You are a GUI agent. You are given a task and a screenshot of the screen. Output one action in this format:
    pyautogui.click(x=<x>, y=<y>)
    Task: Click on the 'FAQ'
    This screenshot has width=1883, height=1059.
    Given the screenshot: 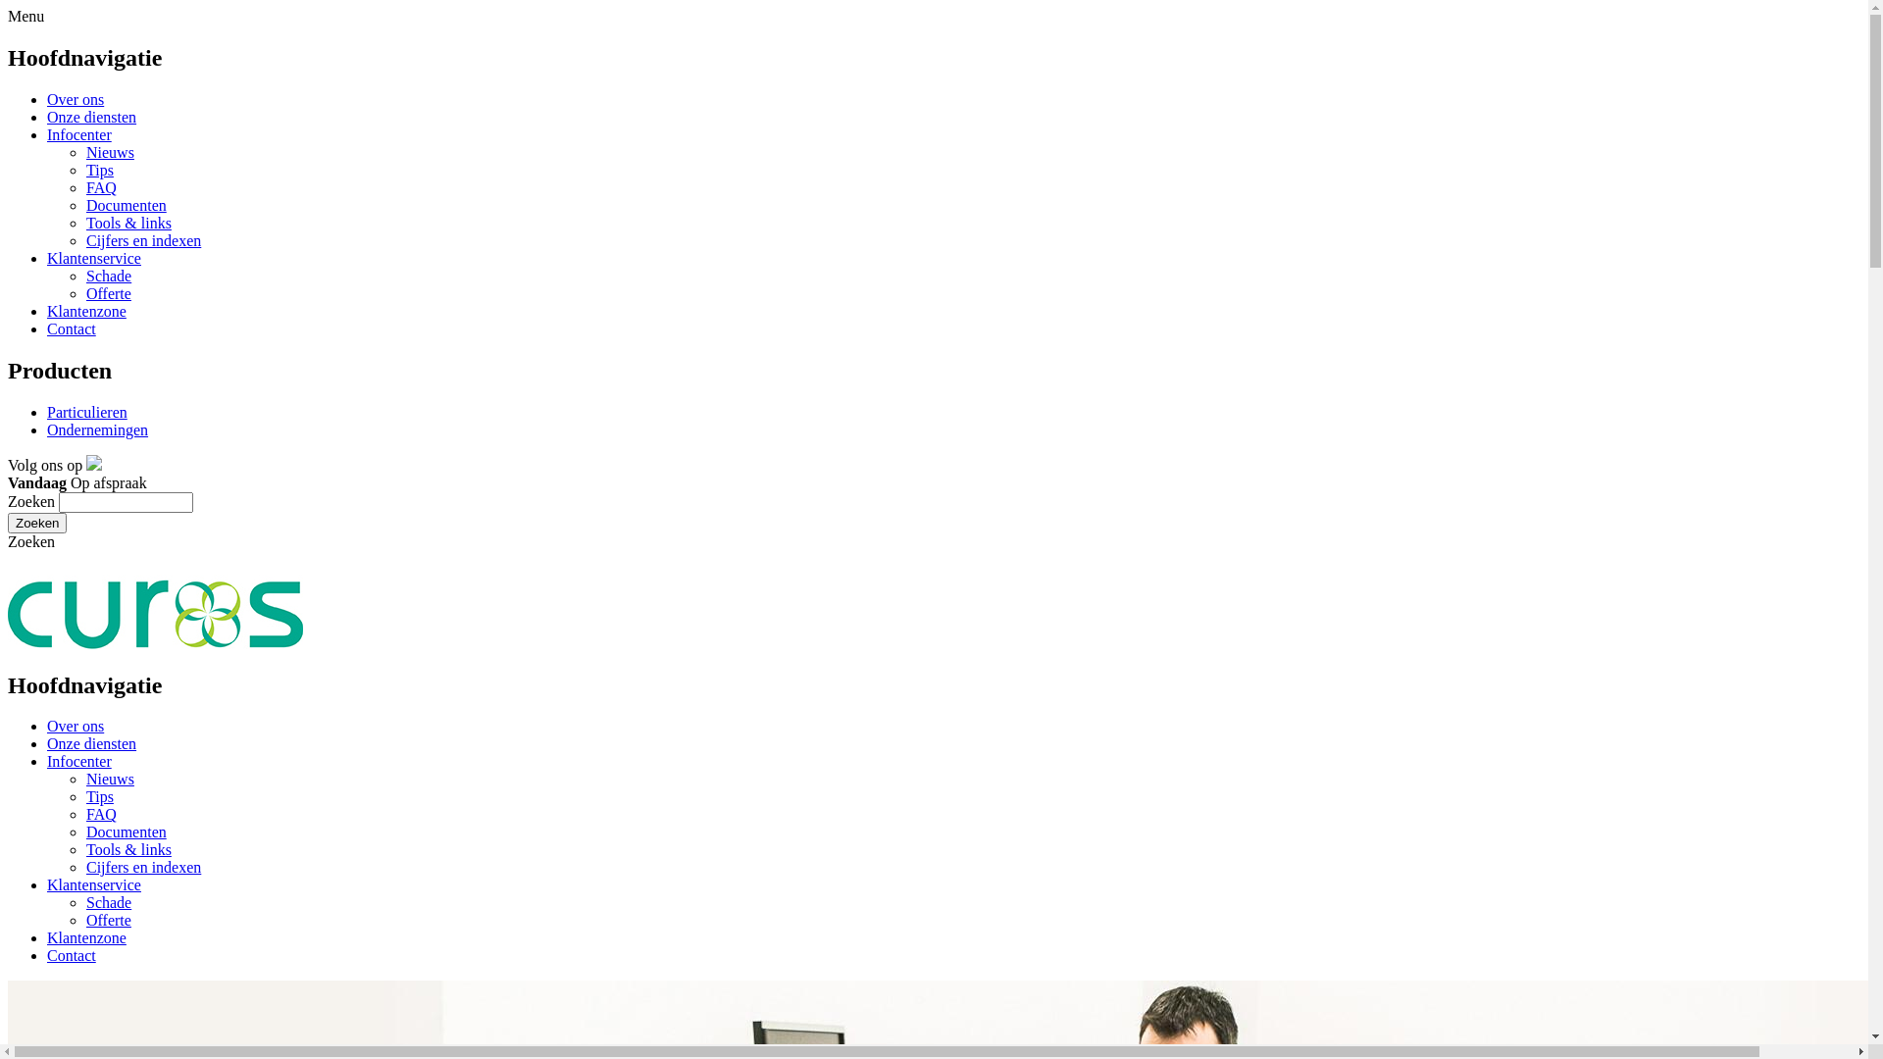 What is the action you would take?
    pyautogui.click(x=84, y=187)
    